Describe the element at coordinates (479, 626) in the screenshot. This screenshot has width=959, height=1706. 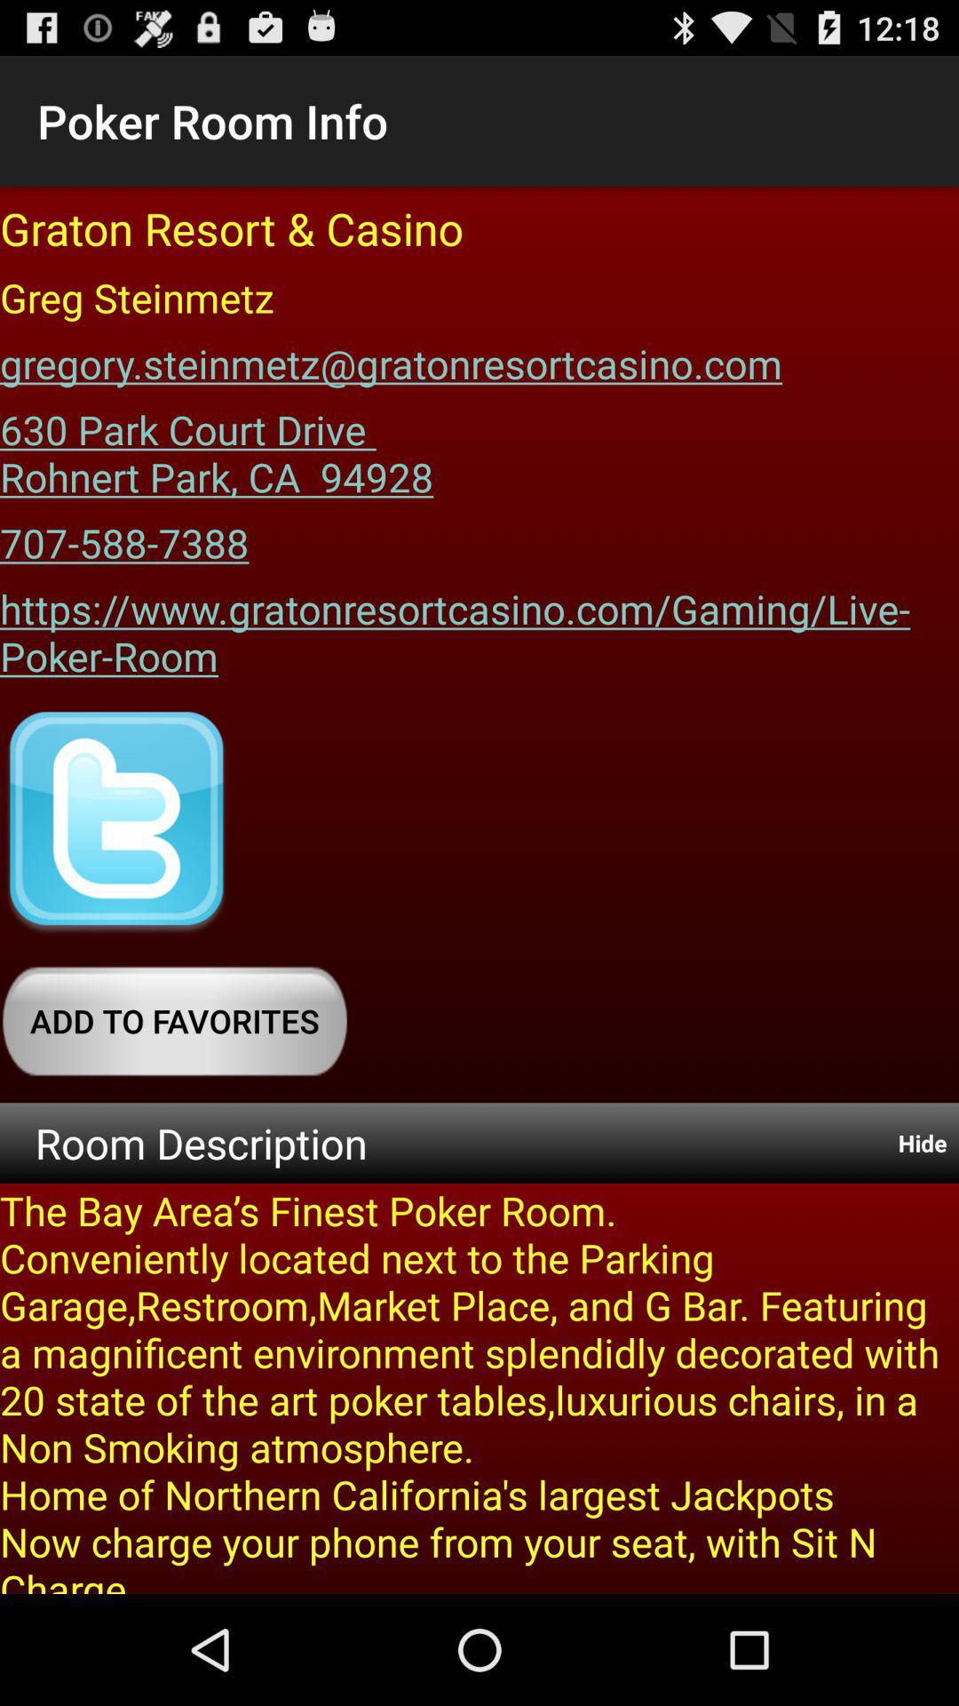
I see `https www gratonresortcasino` at that location.